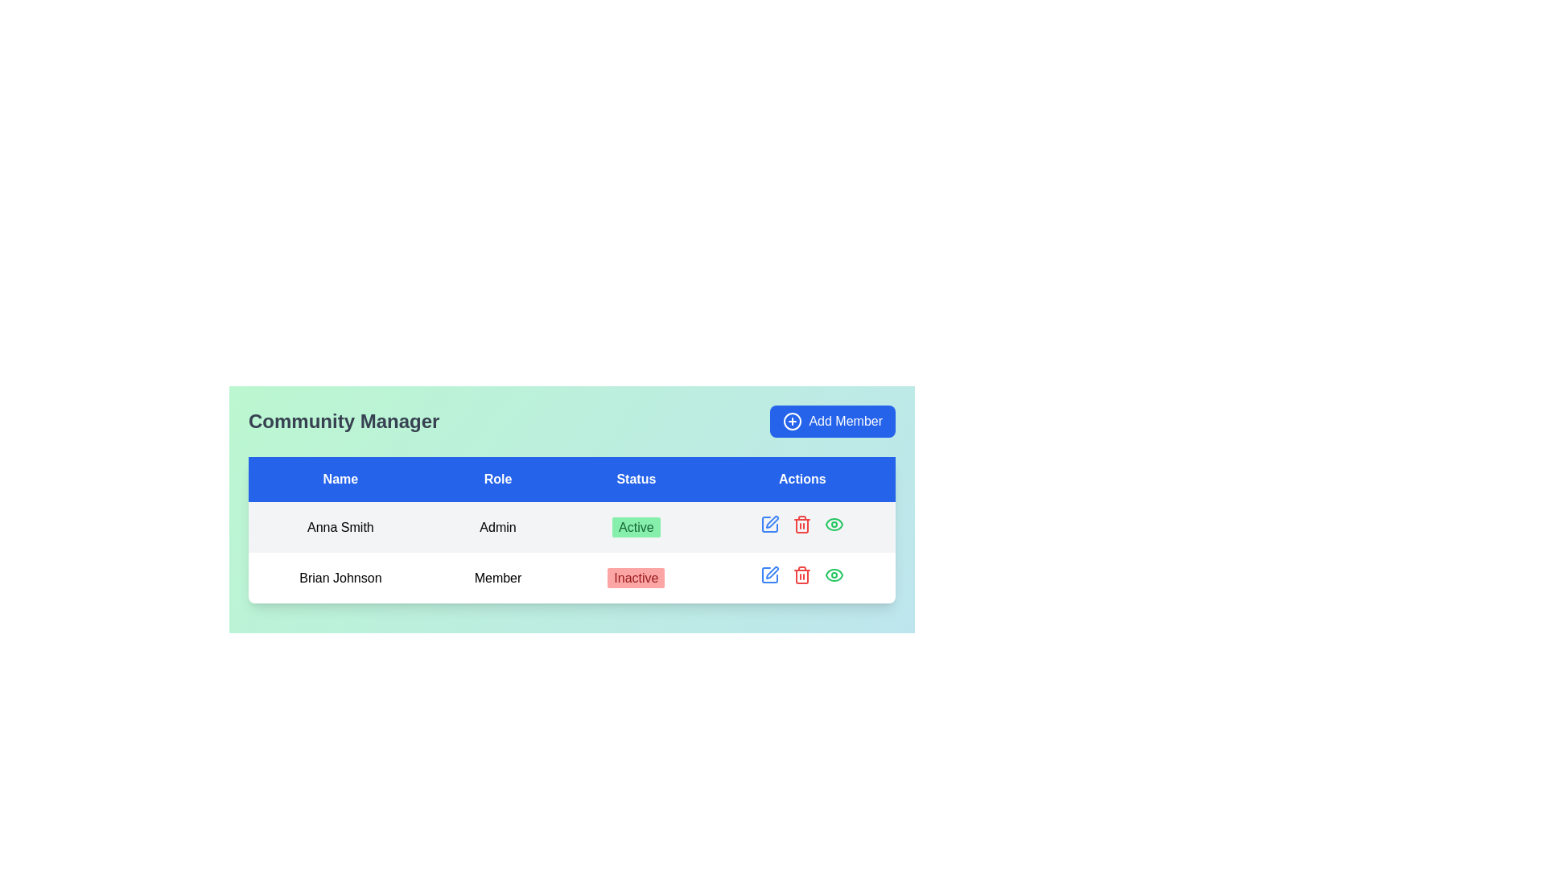  Describe the element at coordinates (834, 524) in the screenshot. I see `the 'View' button in the 'Actions' column of the table corresponding to 'Anna Smith' to change its color` at that location.